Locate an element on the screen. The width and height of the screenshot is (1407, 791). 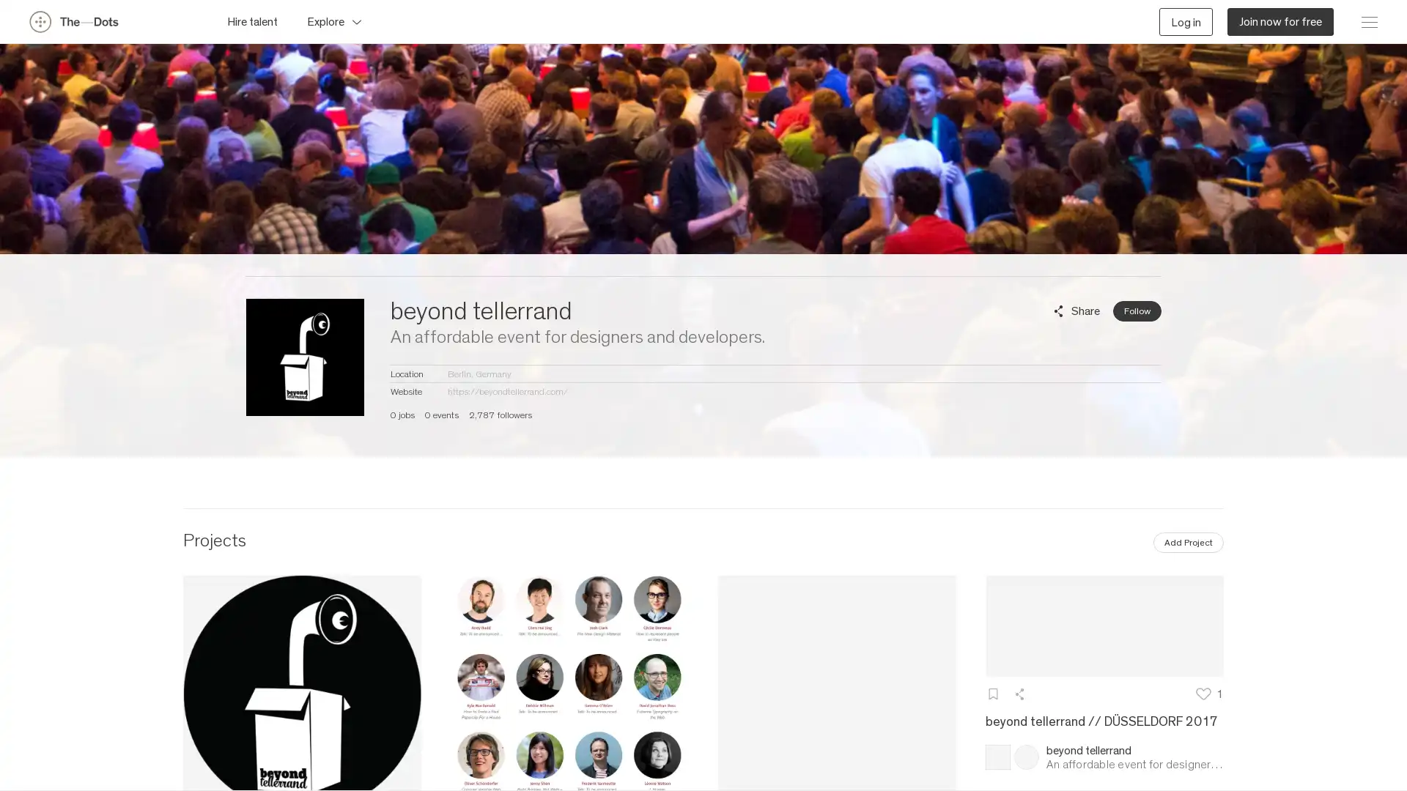
Like this project, 1 like is located at coordinates (1210, 692).